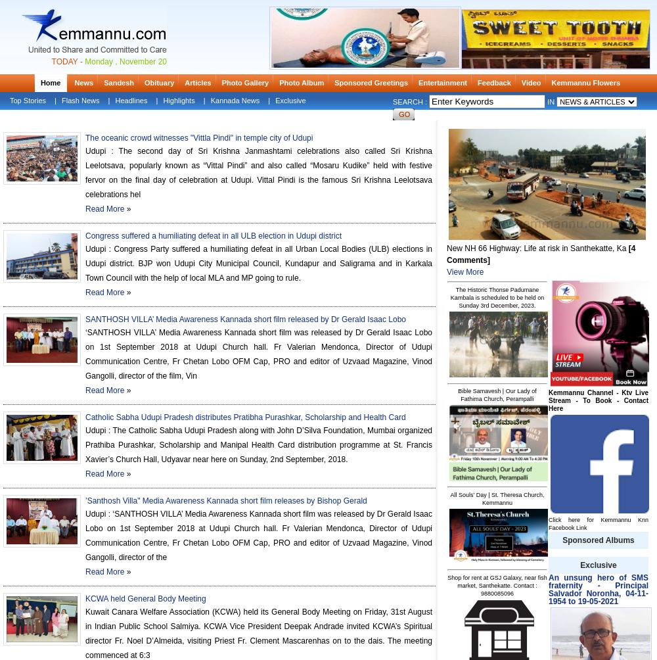 This screenshot has width=657, height=660. I want to click on 'Headlines', so click(130, 100).